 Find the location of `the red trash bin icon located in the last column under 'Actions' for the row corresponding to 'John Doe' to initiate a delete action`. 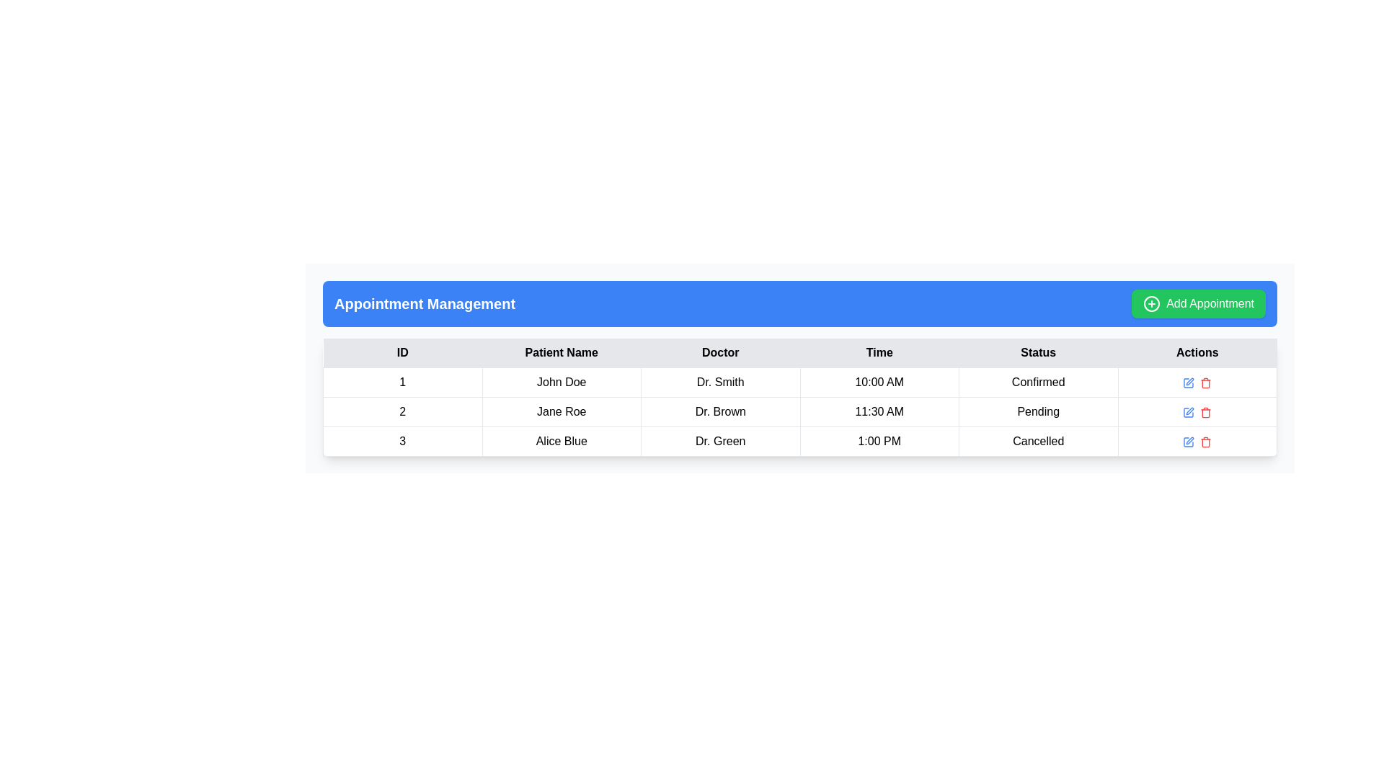

the red trash bin icon located in the last column under 'Actions' for the row corresponding to 'John Doe' to initiate a delete action is located at coordinates (1206, 382).